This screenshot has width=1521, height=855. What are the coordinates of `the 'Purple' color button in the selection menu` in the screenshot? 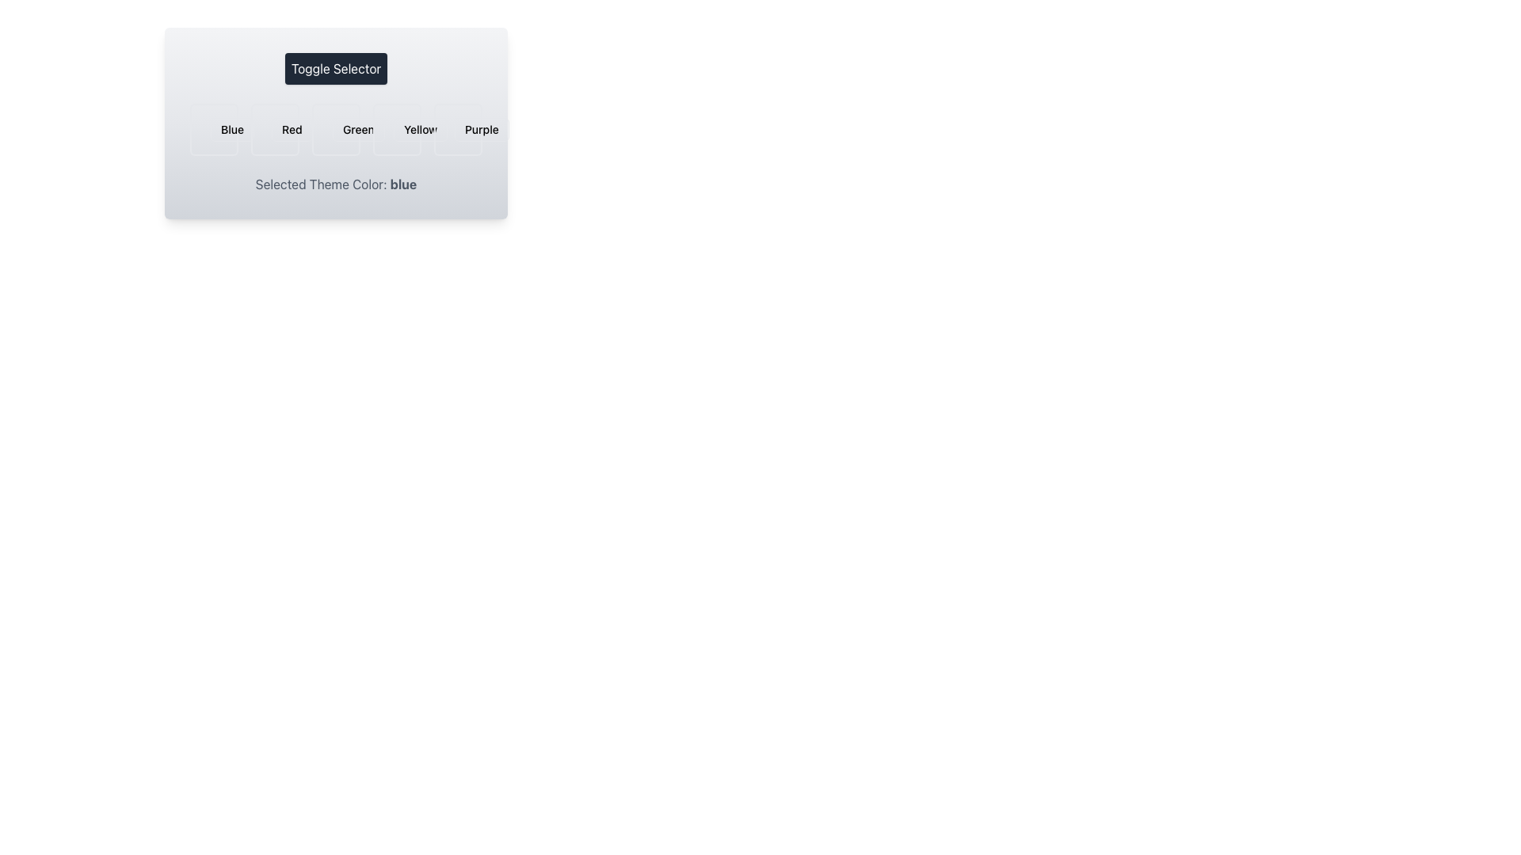 It's located at (457, 129).